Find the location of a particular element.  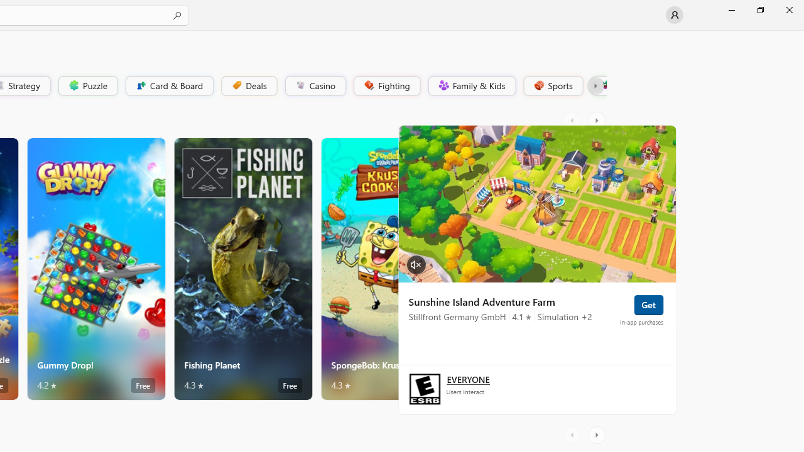

'Close Microsoft Store' is located at coordinates (788, 9).